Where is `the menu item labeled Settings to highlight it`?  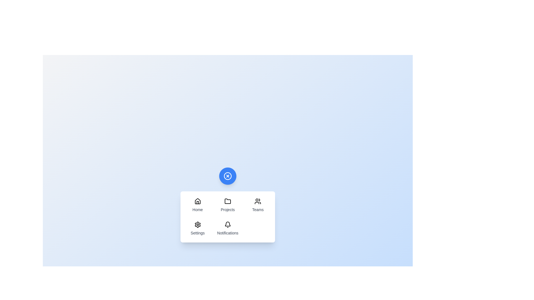 the menu item labeled Settings to highlight it is located at coordinates (197, 228).